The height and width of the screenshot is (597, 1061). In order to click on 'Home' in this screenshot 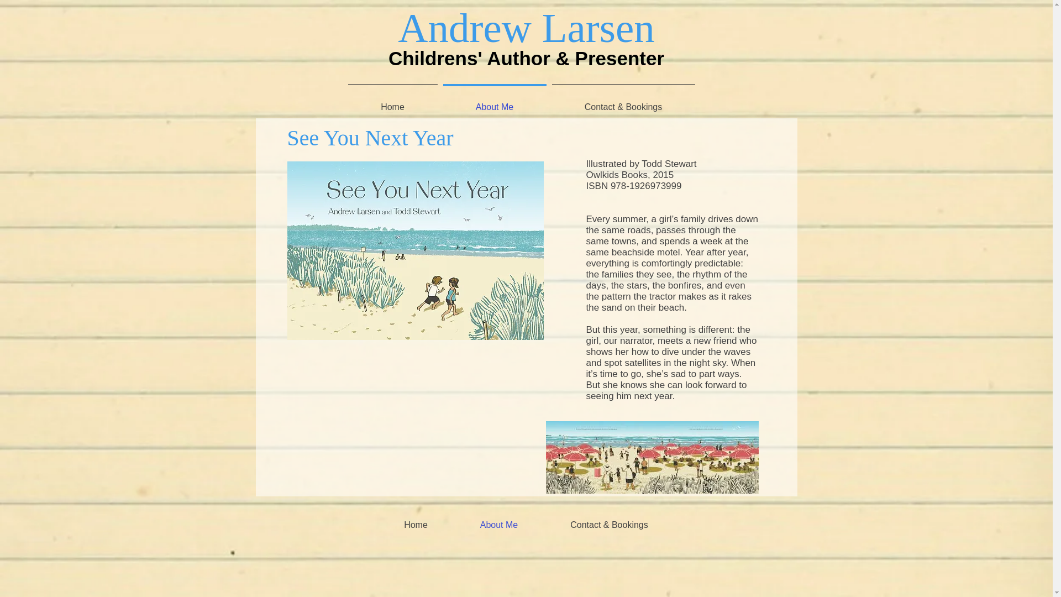, I will do `click(344, 102)`.